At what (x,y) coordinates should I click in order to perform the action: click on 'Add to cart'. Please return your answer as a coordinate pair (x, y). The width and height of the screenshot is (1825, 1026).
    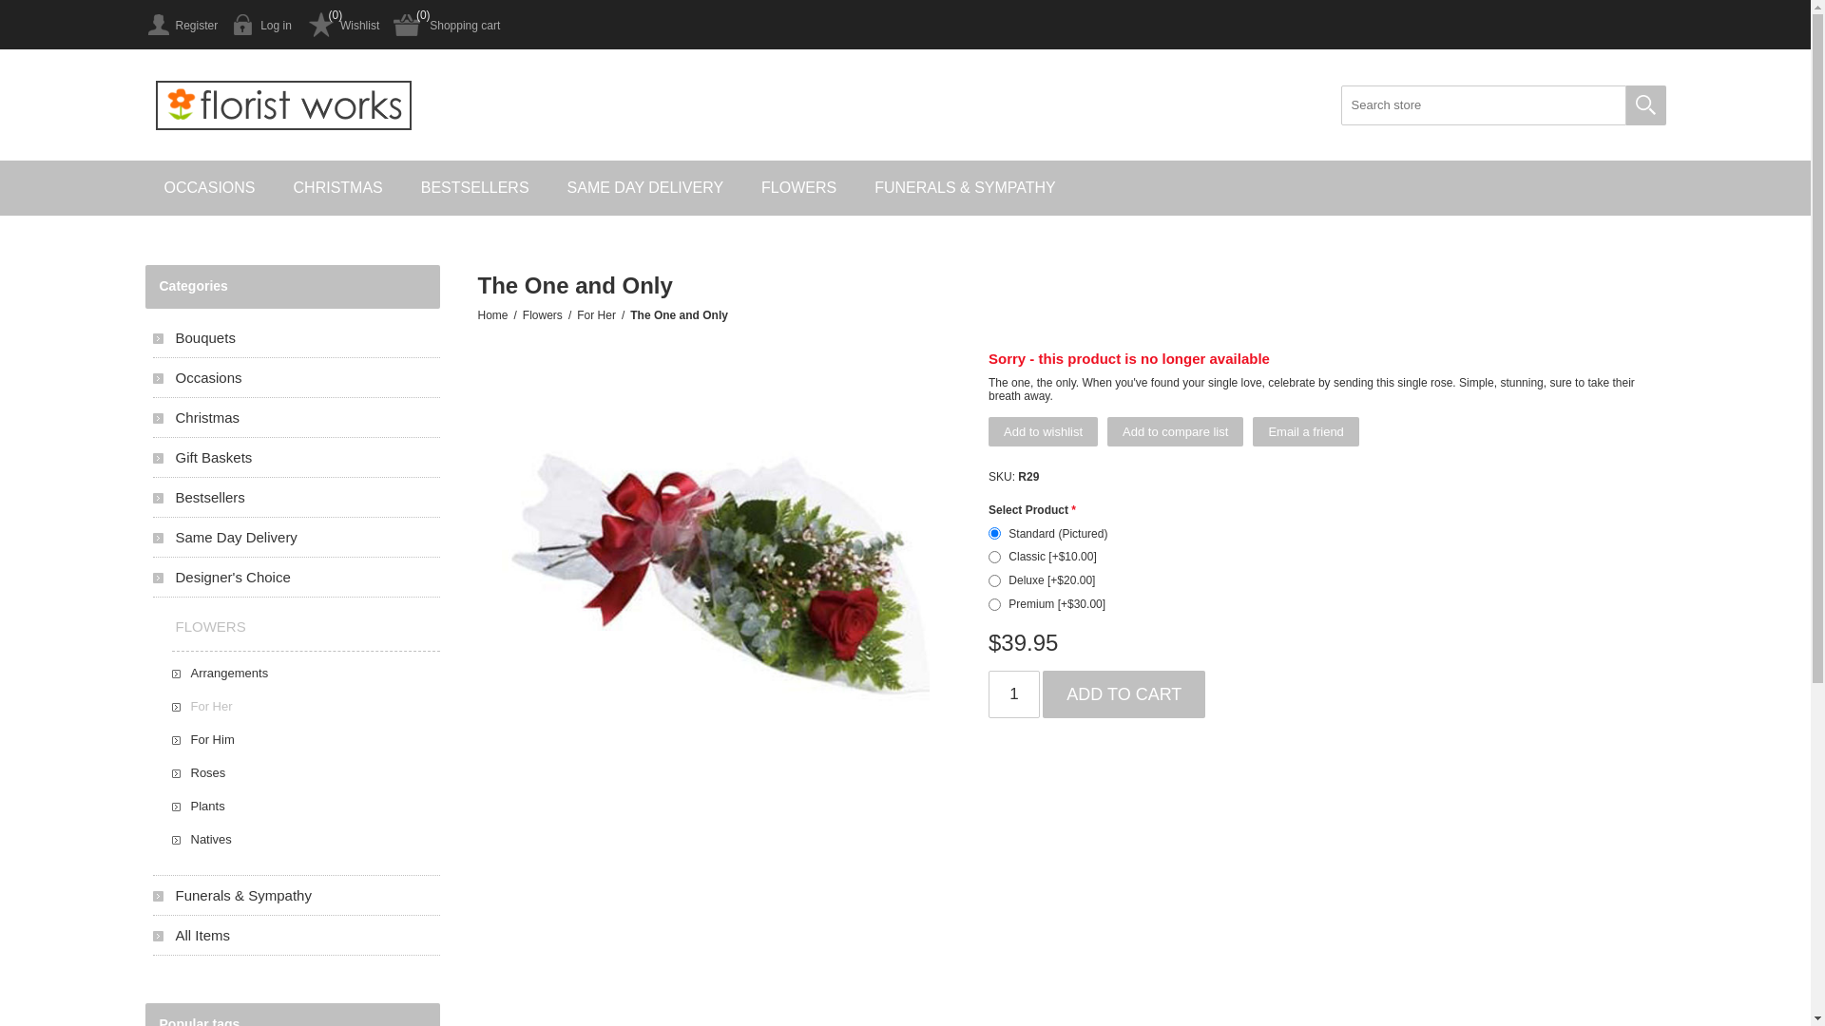
    Looking at the image, I should click on (1124, 694).